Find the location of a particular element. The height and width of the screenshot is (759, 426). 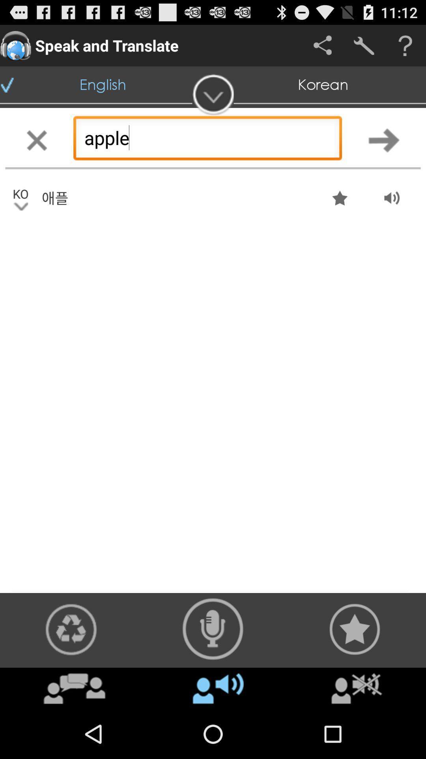

the share option is located at coordinates (322, 45).